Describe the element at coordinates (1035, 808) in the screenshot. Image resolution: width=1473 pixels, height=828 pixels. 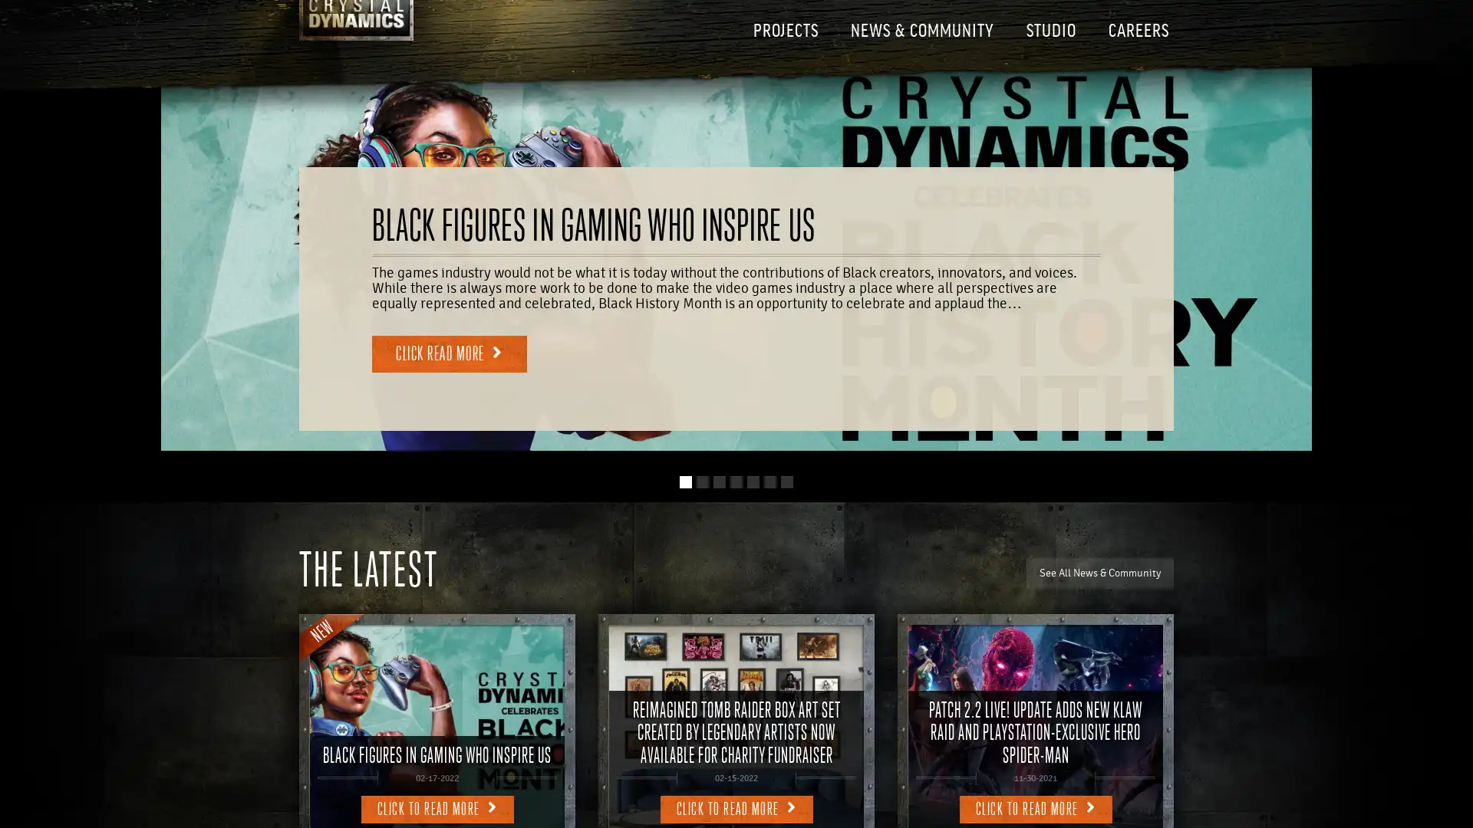
I see `CLICK TO READ MORE` at that location.